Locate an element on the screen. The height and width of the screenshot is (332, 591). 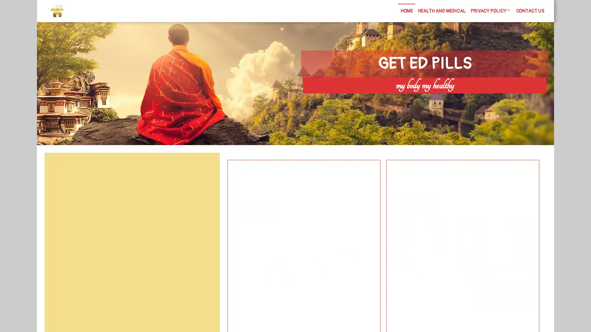
Search is located at coordinates (479, 101).